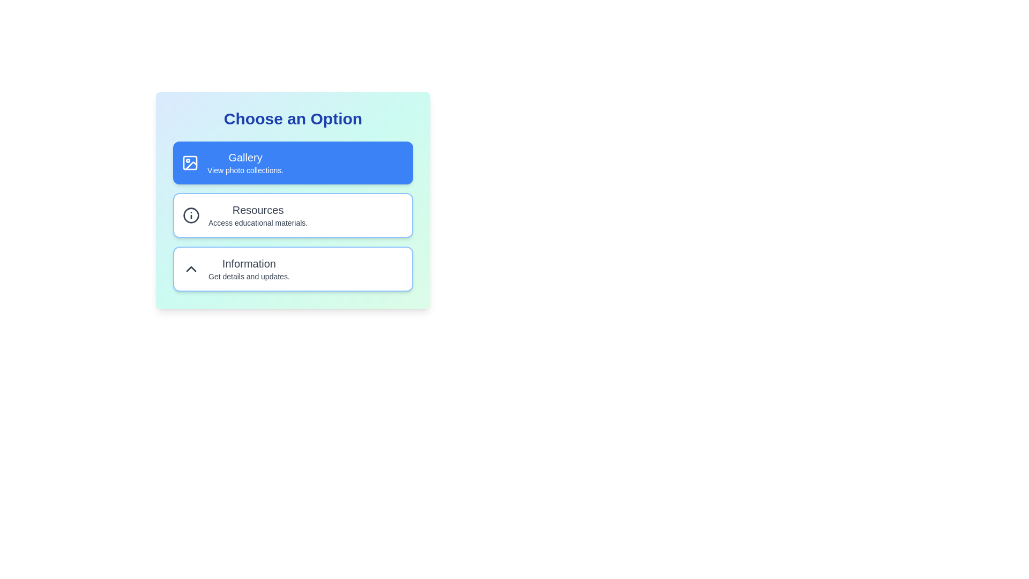  Describe the element at coordinates (191, 215) in the screenshot. I see `graphic icon located at the bottom left section of the interface card, which indicates information or help` at that location.